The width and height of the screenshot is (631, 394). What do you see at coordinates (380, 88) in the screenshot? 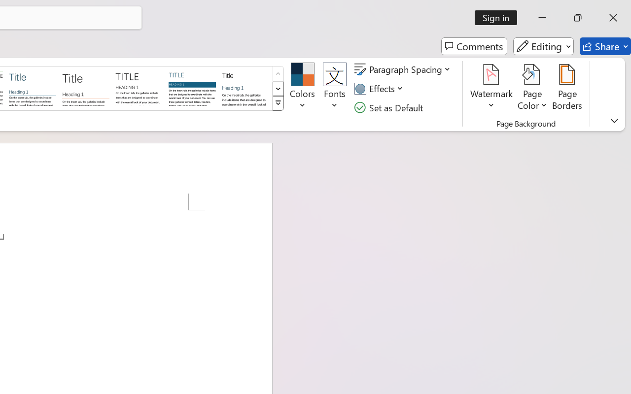
I see `'Effects'` at bounding box center [380, 88].